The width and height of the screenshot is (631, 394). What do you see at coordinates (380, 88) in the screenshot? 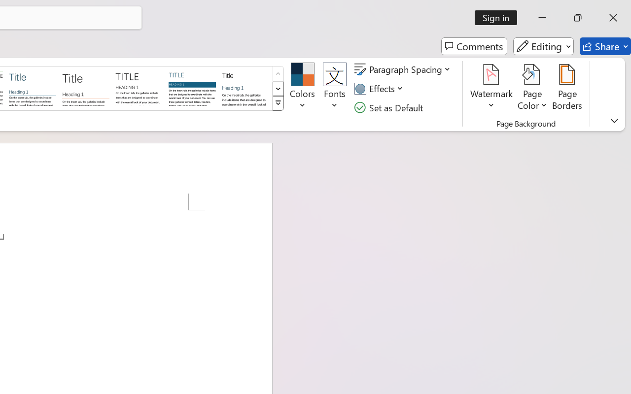
I see `'Effects'` at bounding box center [380, 88].